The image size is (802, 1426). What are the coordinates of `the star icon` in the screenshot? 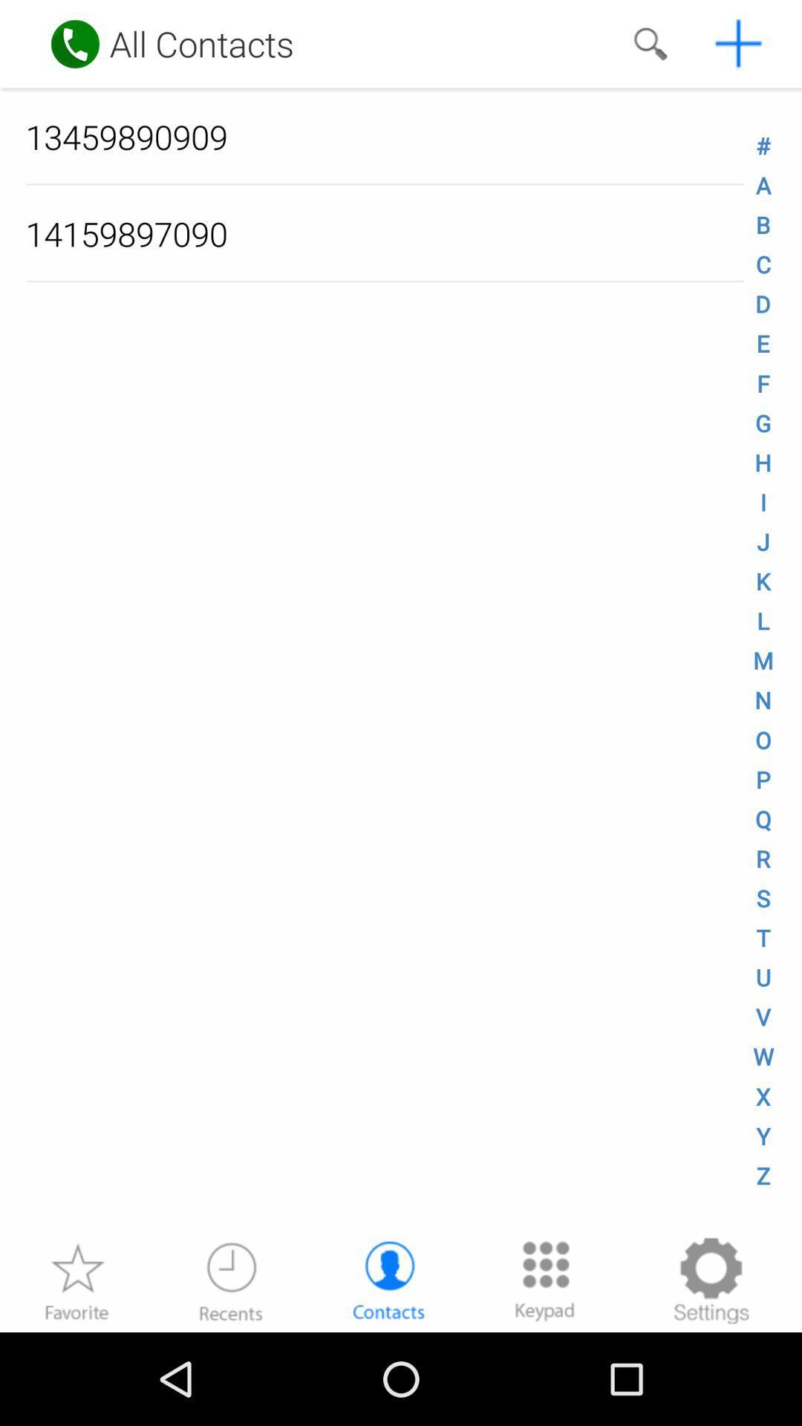 It's located at (76, 1370).